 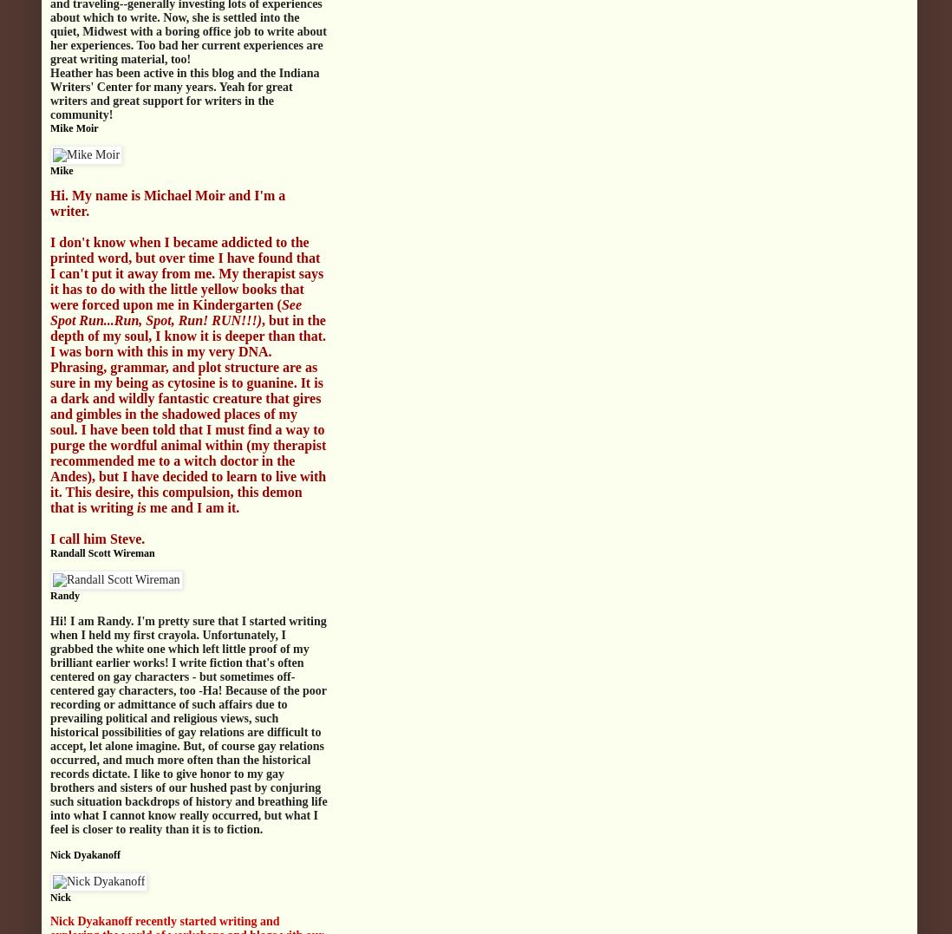 What do you see at coordinates (63, 594) in the screenshot?
I see `'Randy'` at bounding box center [63, 594].